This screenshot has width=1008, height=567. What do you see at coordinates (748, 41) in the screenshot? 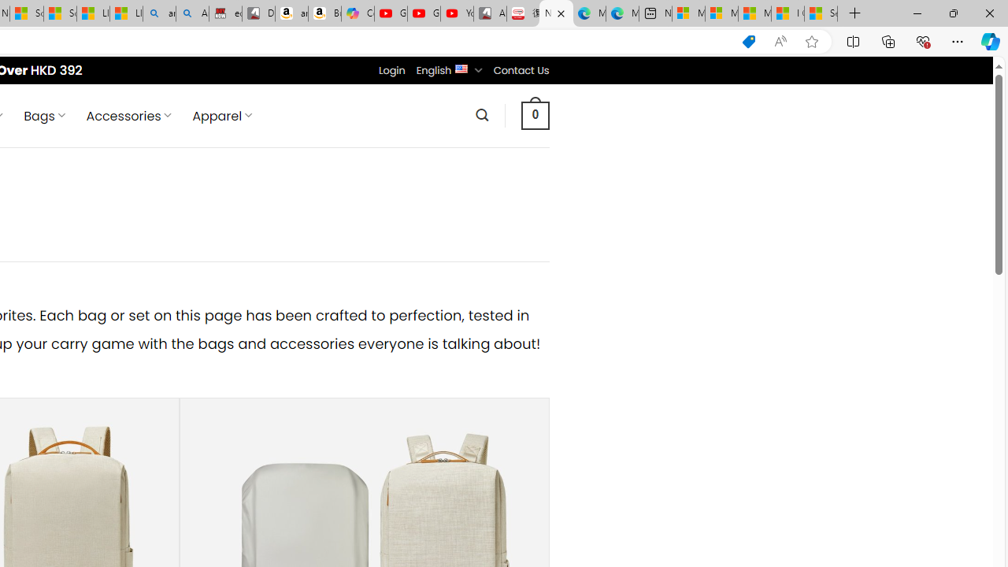
I see `'This site has coupons! Shopping in Microsoft Edge'` at bounding box center [748, 41].